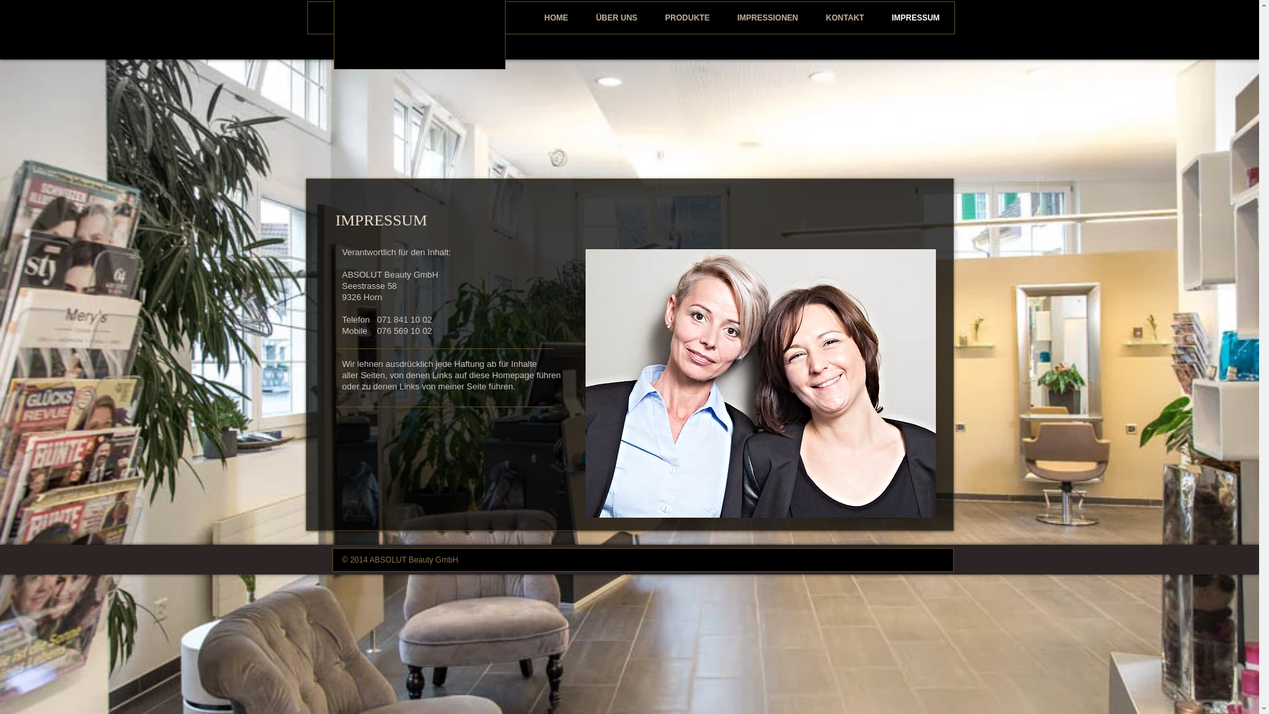  I want to click on 'HOME', so click(529, 18).